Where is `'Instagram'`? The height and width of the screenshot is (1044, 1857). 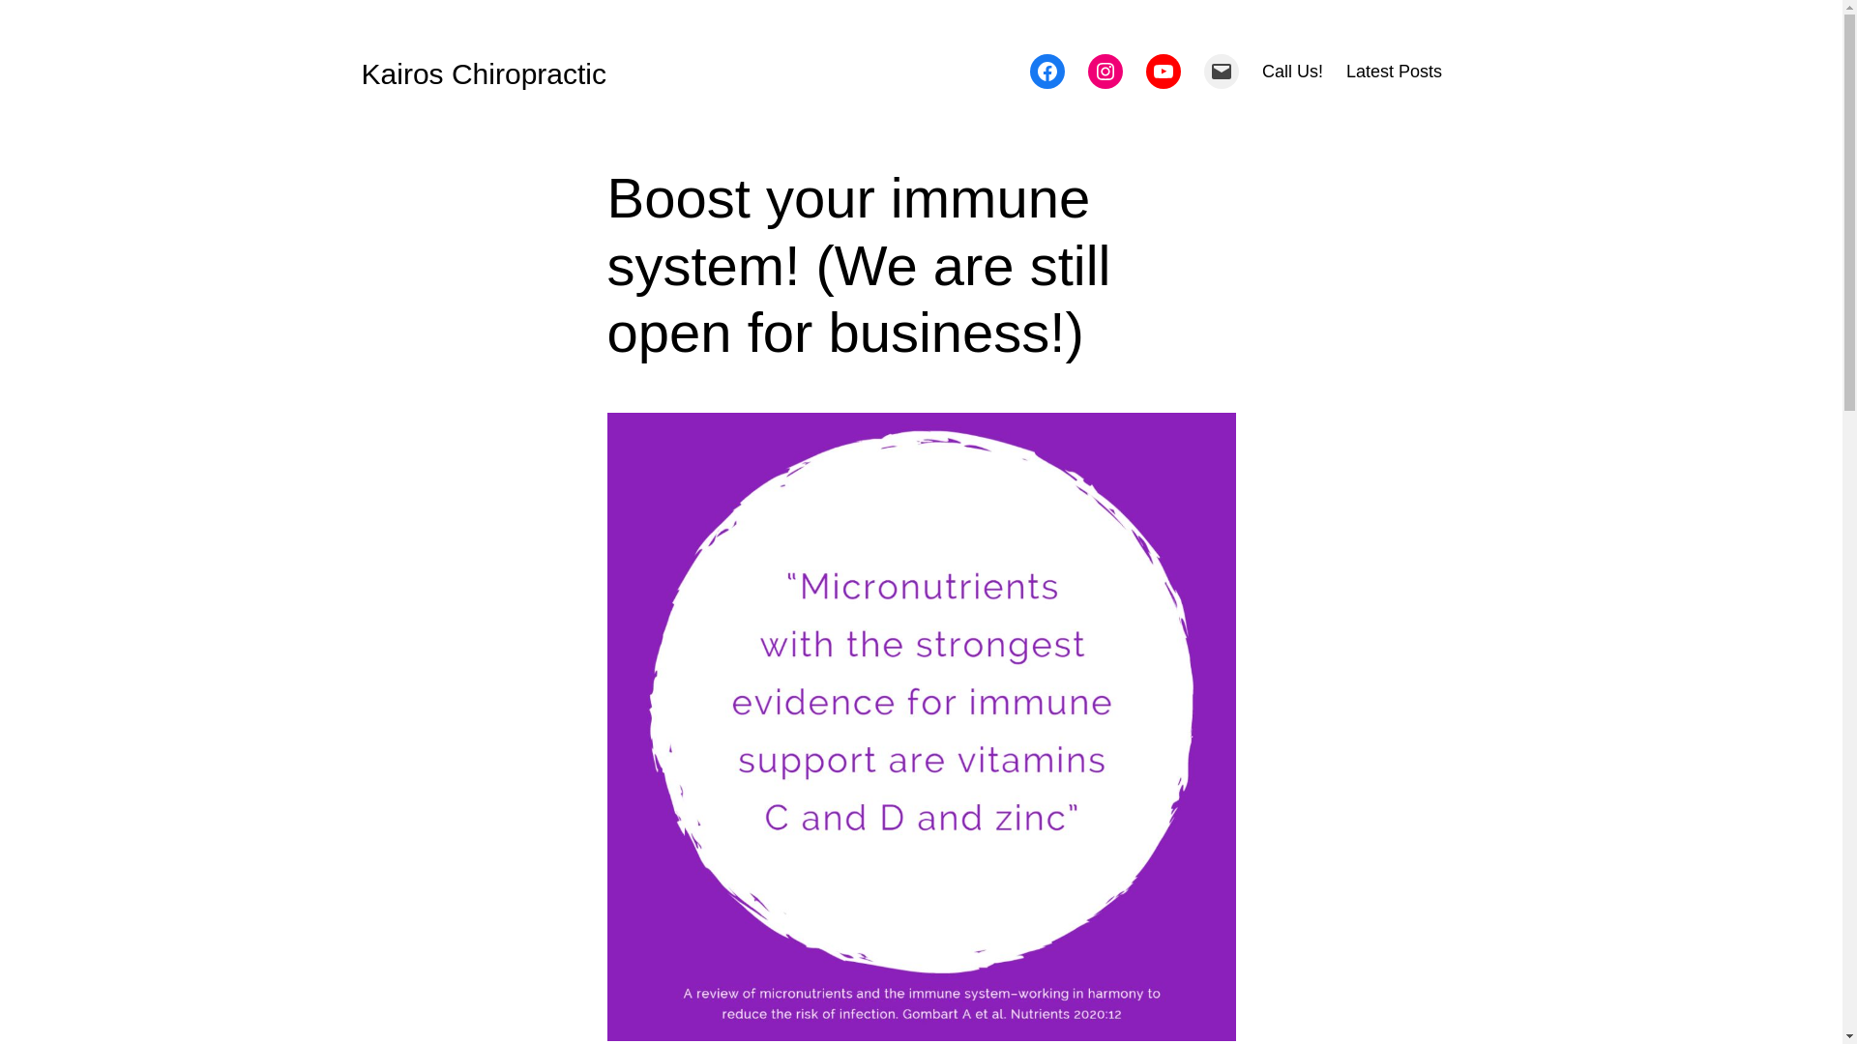
'Instagram' is located at coordinates (1105, 70).